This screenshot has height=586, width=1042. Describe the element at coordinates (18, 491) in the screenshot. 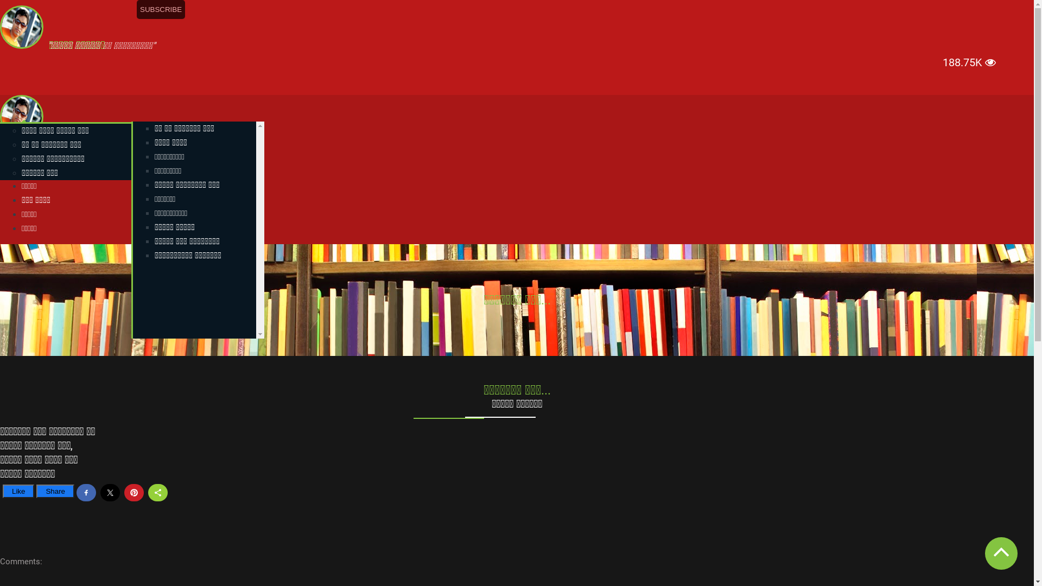

I see `'Like'` at that location.